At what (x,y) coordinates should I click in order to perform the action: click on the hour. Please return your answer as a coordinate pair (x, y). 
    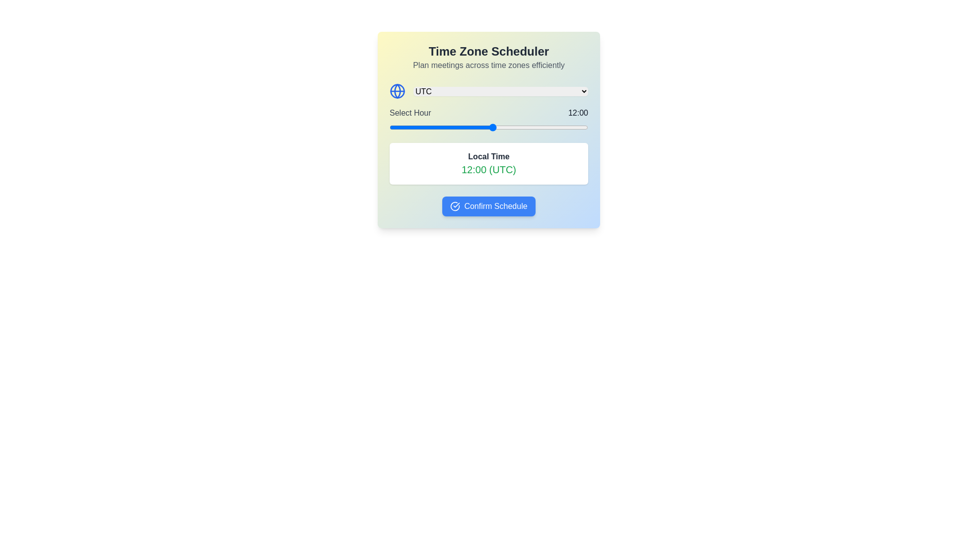
    Looking at the image, I should click on (562, 127).